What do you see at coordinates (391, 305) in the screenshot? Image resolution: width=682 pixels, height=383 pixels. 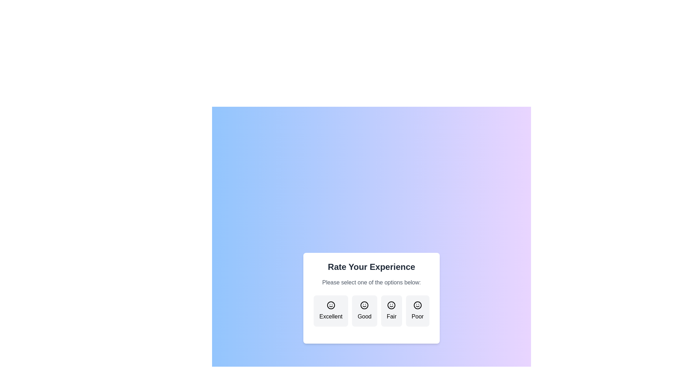 I see `the circular base of the 'Fair' smiley icon, which represents the selected option in the rating system` at bounding box center [391, 305].